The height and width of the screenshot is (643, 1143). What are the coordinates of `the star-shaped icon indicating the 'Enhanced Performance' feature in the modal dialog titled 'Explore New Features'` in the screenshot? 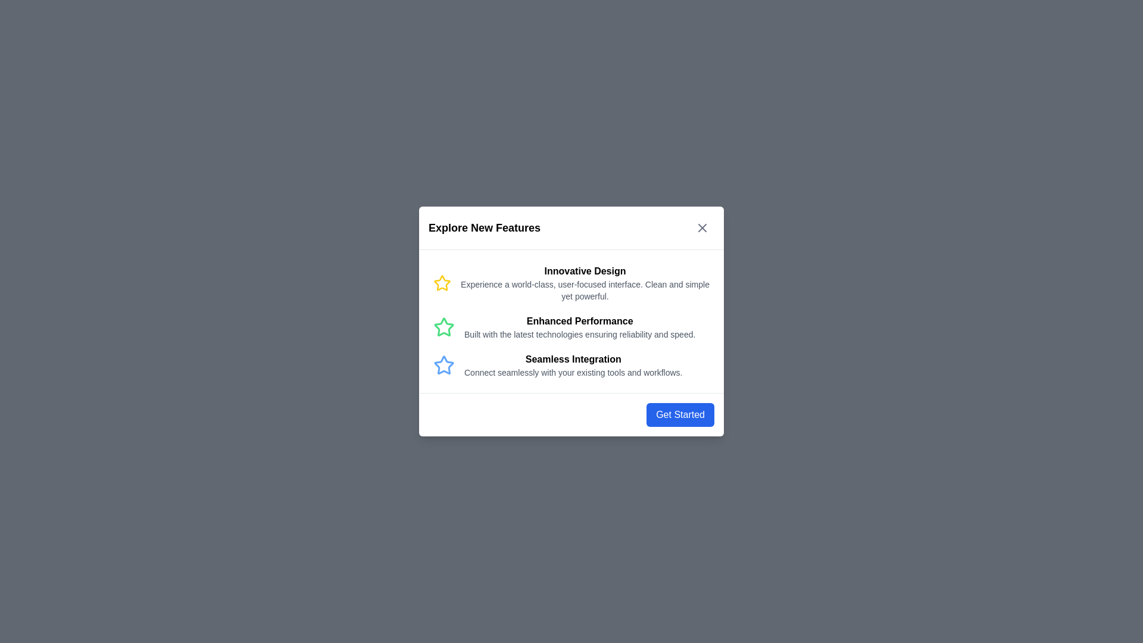 It's located at (443, 327).